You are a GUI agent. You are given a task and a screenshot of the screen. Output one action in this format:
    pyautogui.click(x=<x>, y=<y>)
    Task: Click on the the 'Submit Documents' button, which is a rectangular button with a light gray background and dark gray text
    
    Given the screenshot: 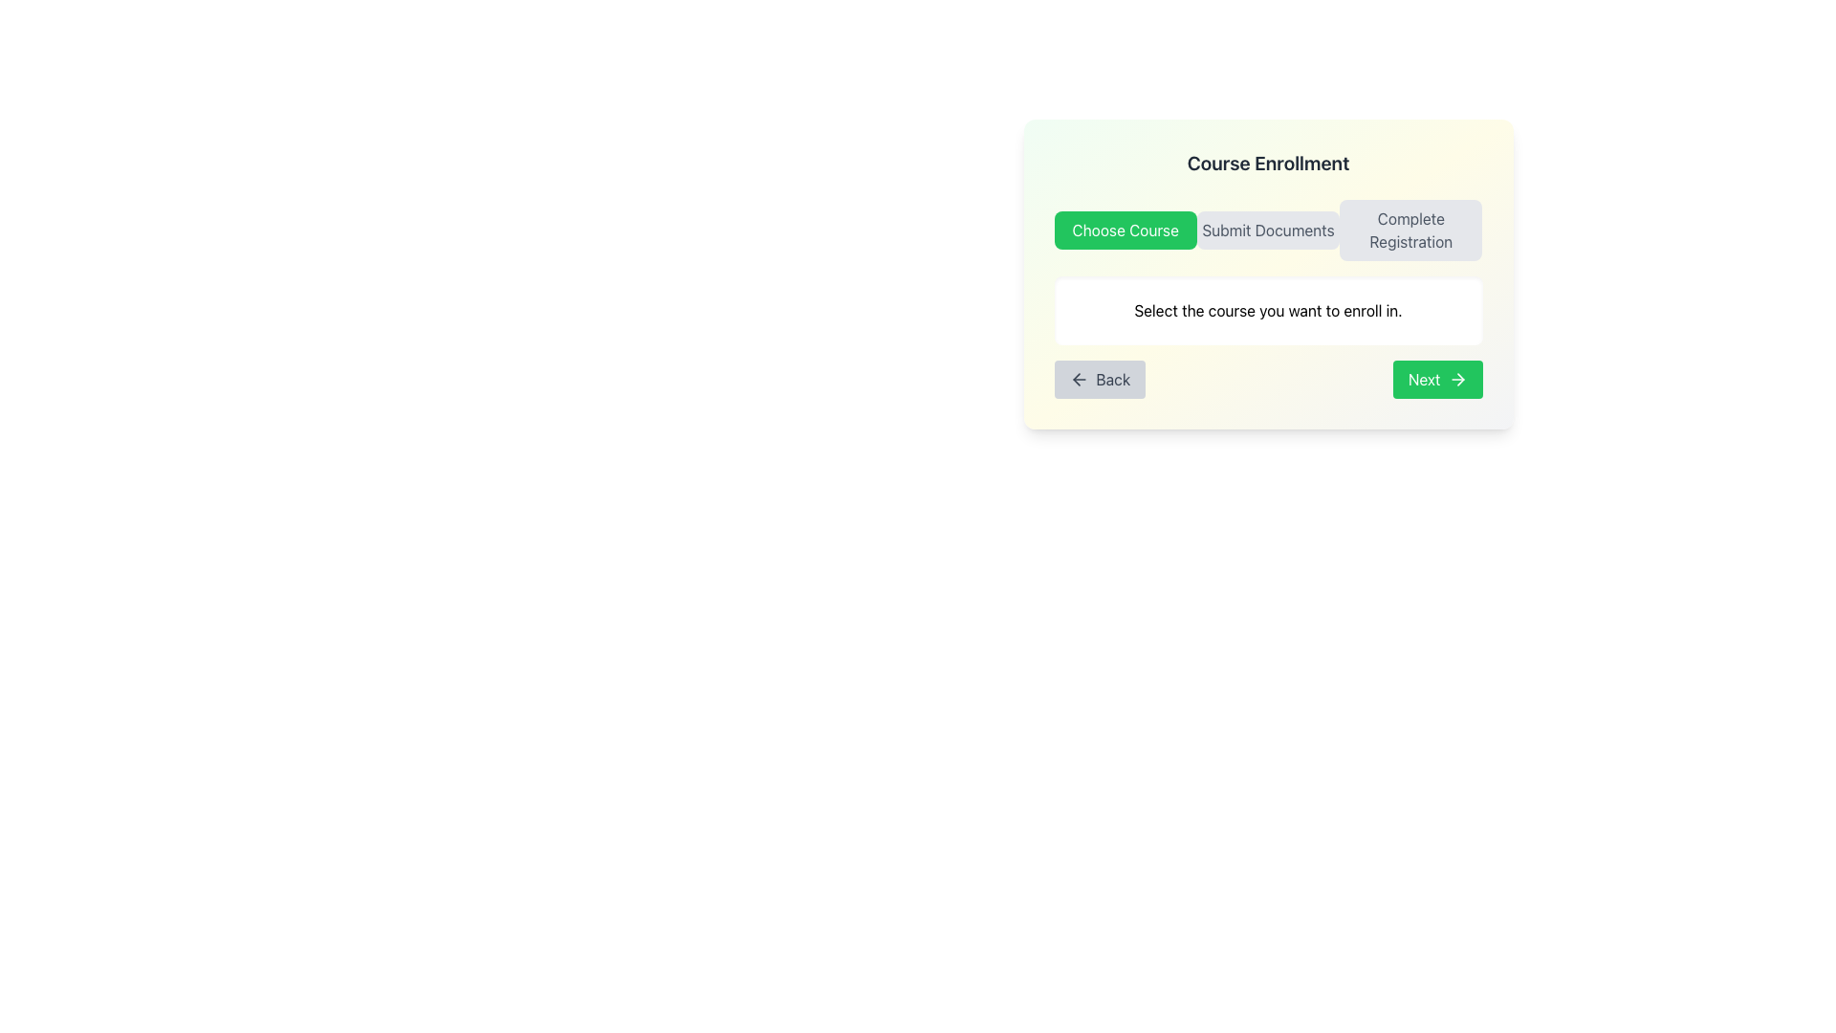 What is the action you would take?
    pyautogui.click(x=1268, y=229)
    